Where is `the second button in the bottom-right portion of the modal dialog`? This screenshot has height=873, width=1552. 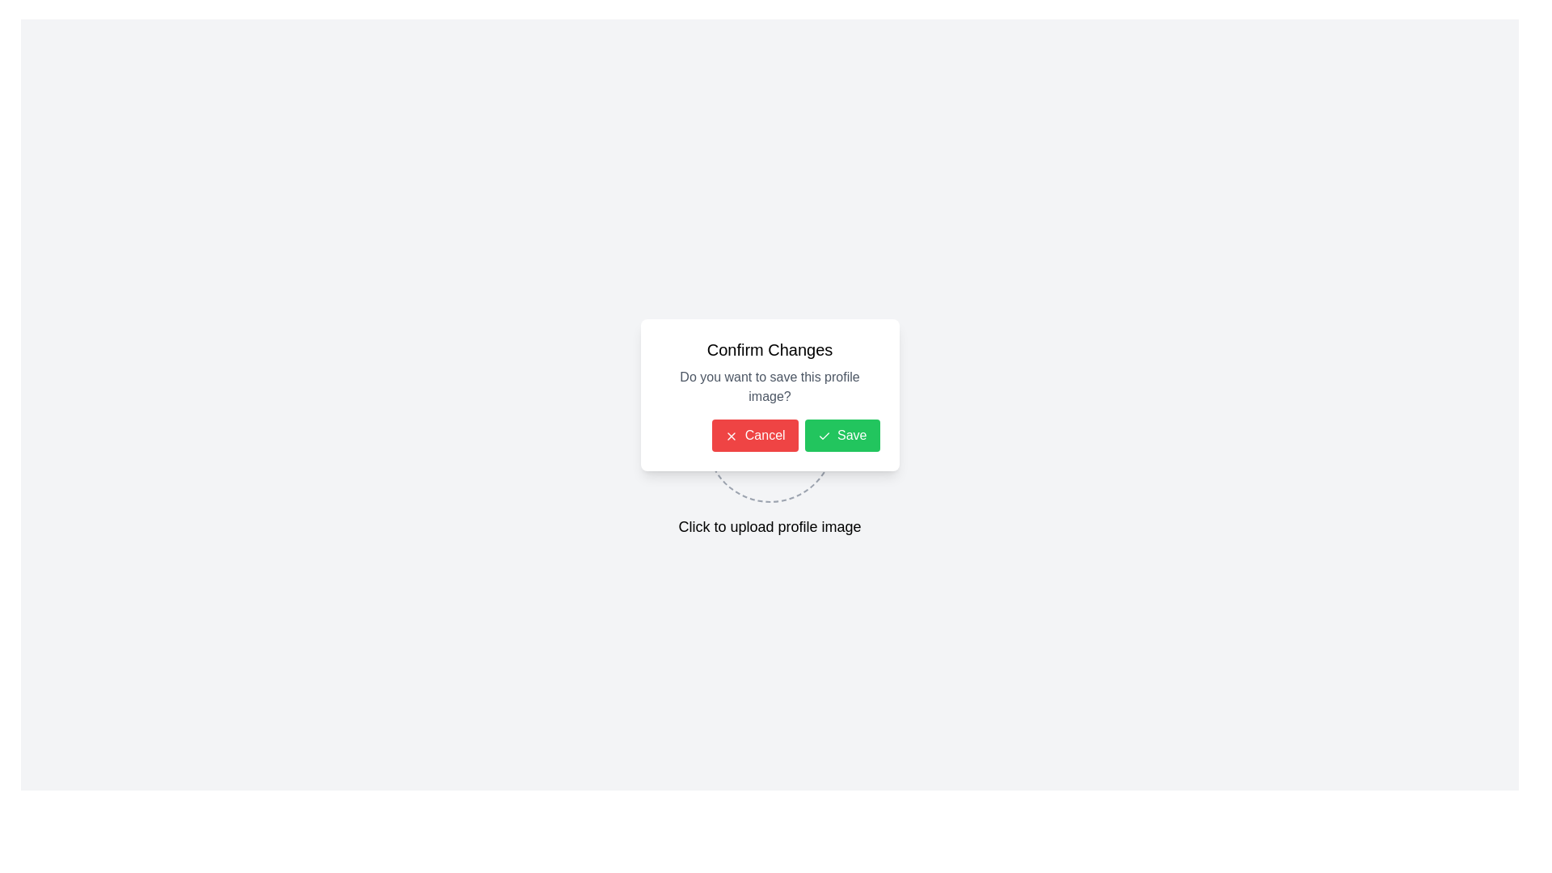 the second button in the bottom-right portion of the modal dialog is located at coordinates (841, 435).